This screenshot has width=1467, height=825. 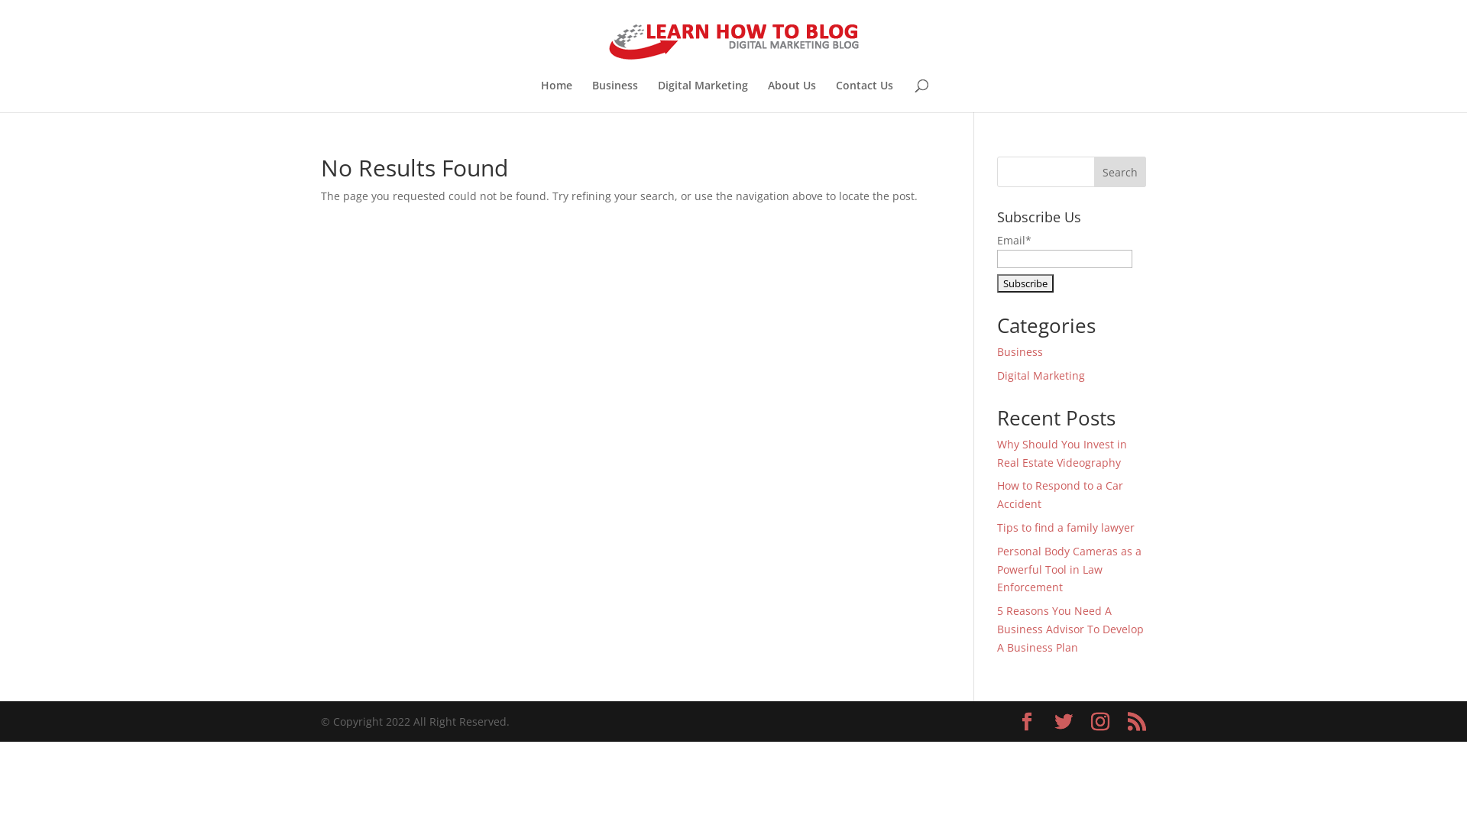 I want to click on 'Tips to find a family lawyer', so click(x=1065, y=526).